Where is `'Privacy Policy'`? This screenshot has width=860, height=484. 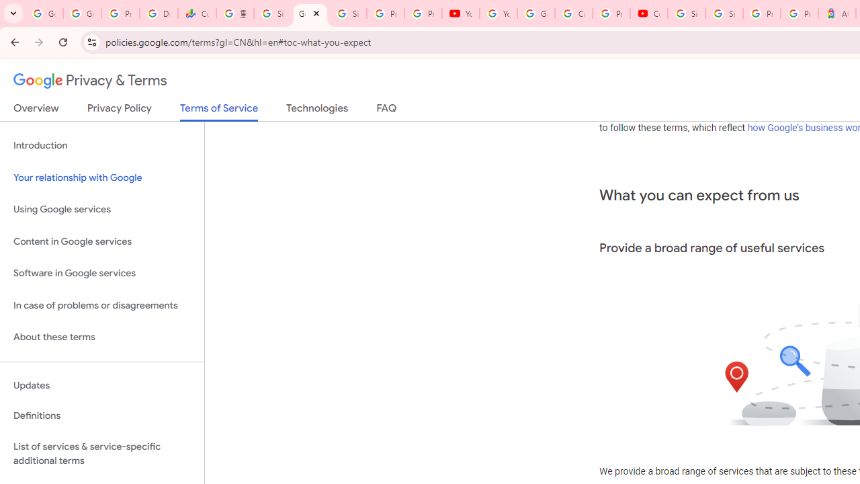
'Privacy Policy' is located at coordinates (119, 110).